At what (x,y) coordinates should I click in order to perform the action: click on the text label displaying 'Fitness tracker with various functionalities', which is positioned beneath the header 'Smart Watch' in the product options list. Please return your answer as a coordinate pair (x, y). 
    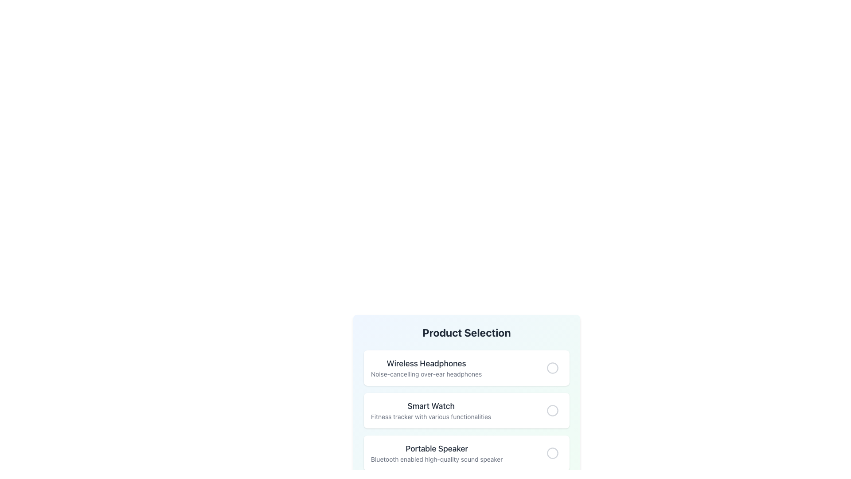
    Looking at the image, I should click on (431, 417).